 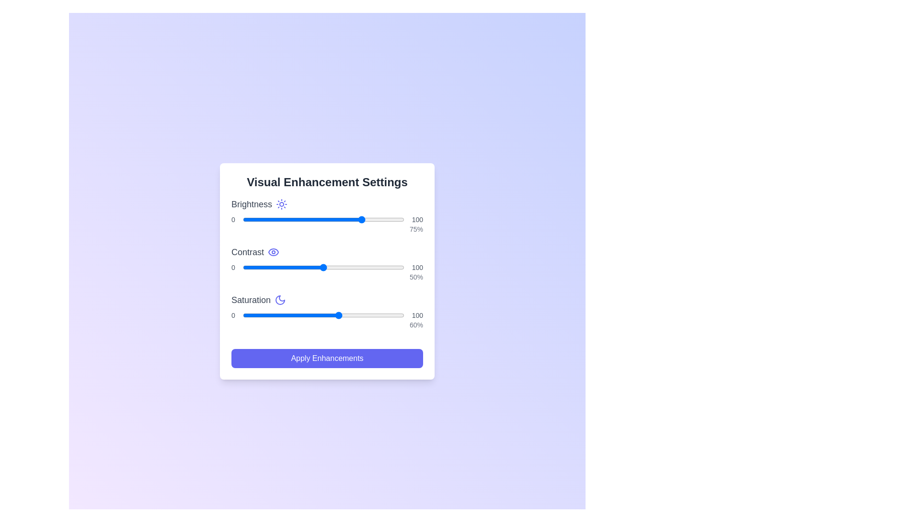 What do you see at coordinates (363, 220) in the screenshot?
I see `the brightness slider to set the brightness level to 75` at bounding box center [363, 220].